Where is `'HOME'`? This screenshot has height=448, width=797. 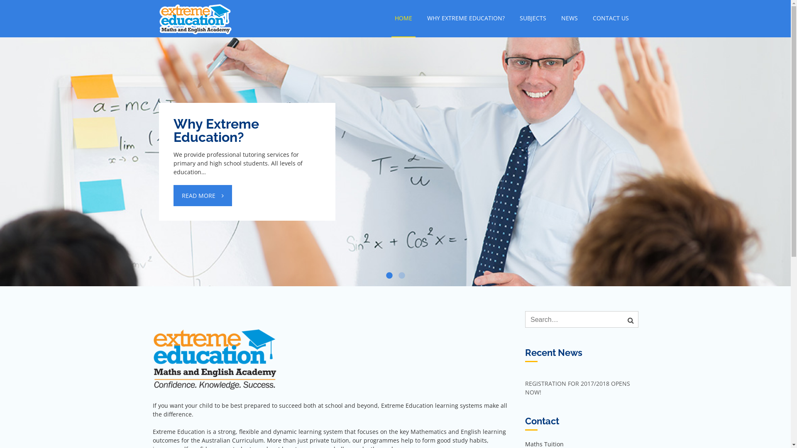 'HOME' is located at coordinates (403, 19).